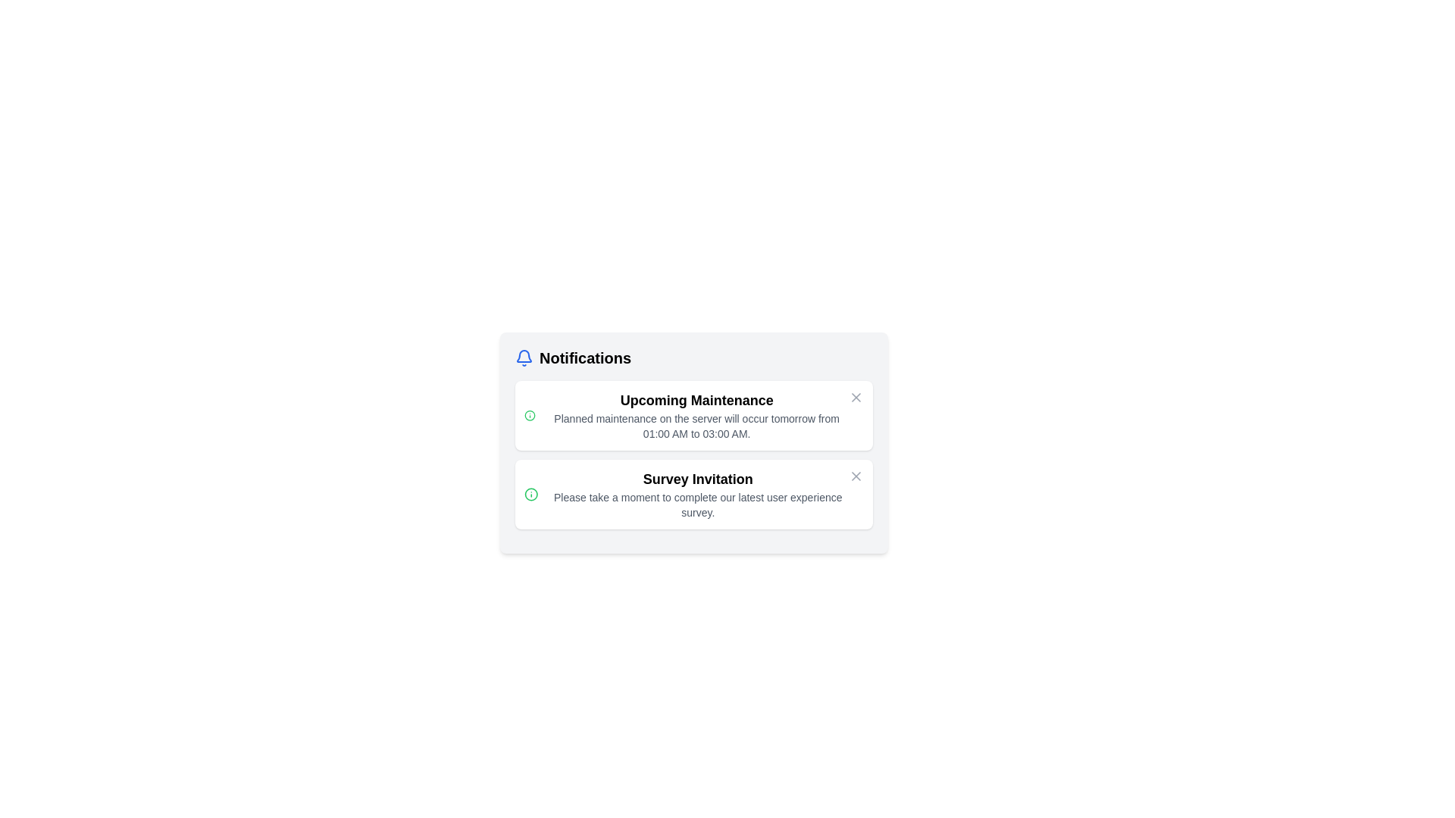 This screenshot has width=1455, height=818. Describe the element at coordinates (524, 358) in the screenshot. I see `the bell icon to acknowledge the notification count` at that location.